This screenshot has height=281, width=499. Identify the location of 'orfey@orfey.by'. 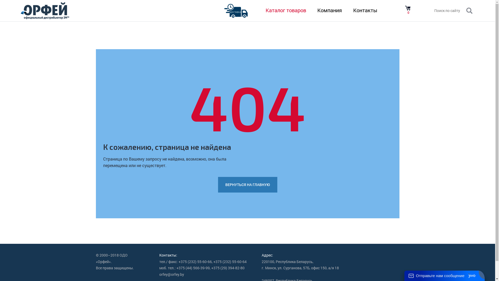
(172, 274).